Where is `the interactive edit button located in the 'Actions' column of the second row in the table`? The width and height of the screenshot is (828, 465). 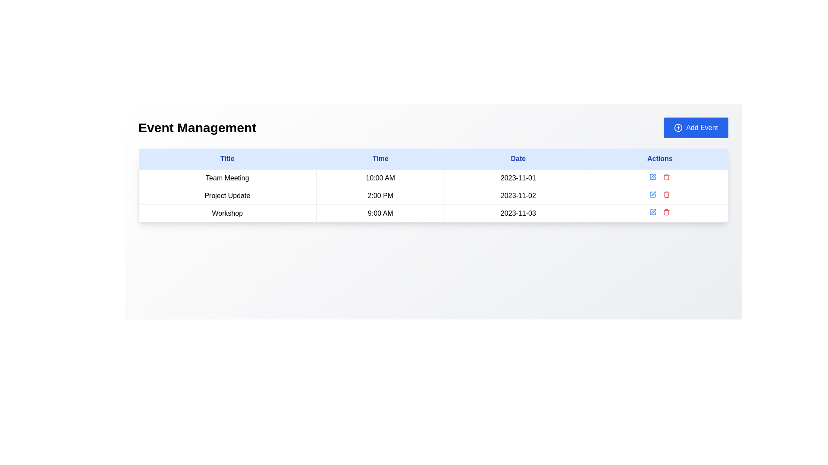 the interactive edit button located in the 'Actions' column of the second row in the table is located at coordinates (654, 194).